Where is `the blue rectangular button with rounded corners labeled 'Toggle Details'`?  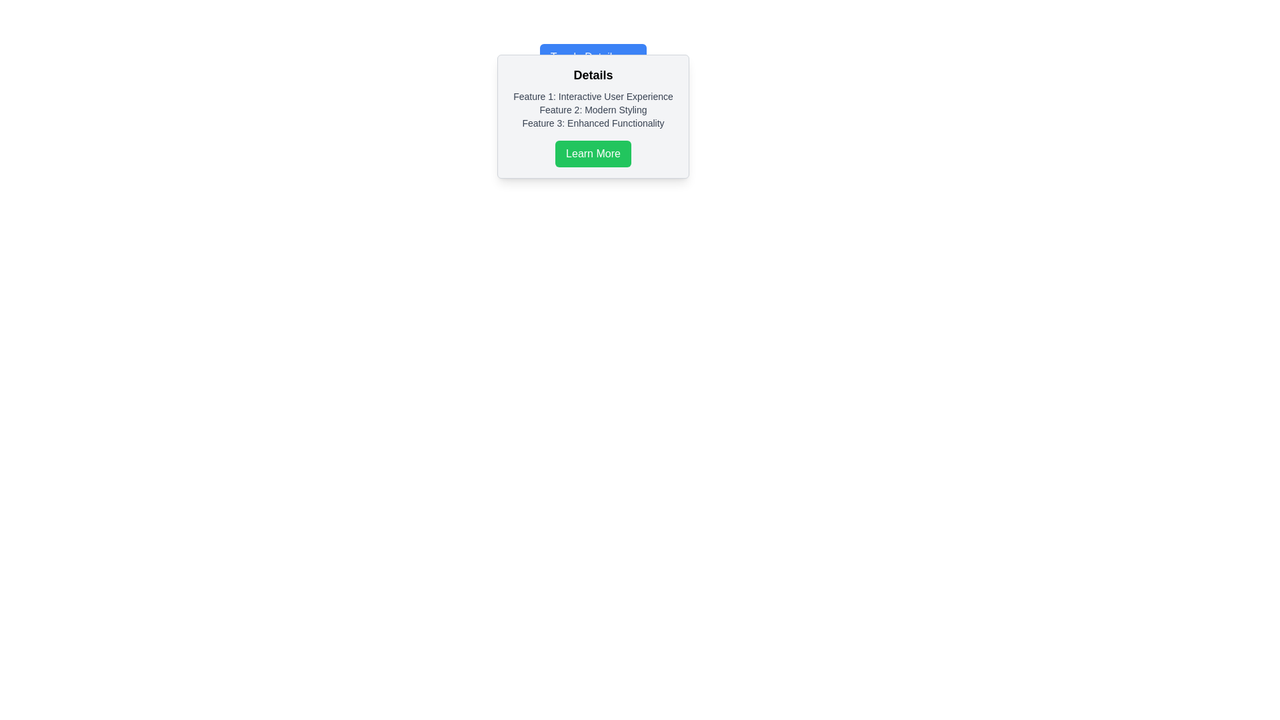 the blue rectangular button with rounded corners labeled 'Toggle Details' is located at coordinates (592, 56).